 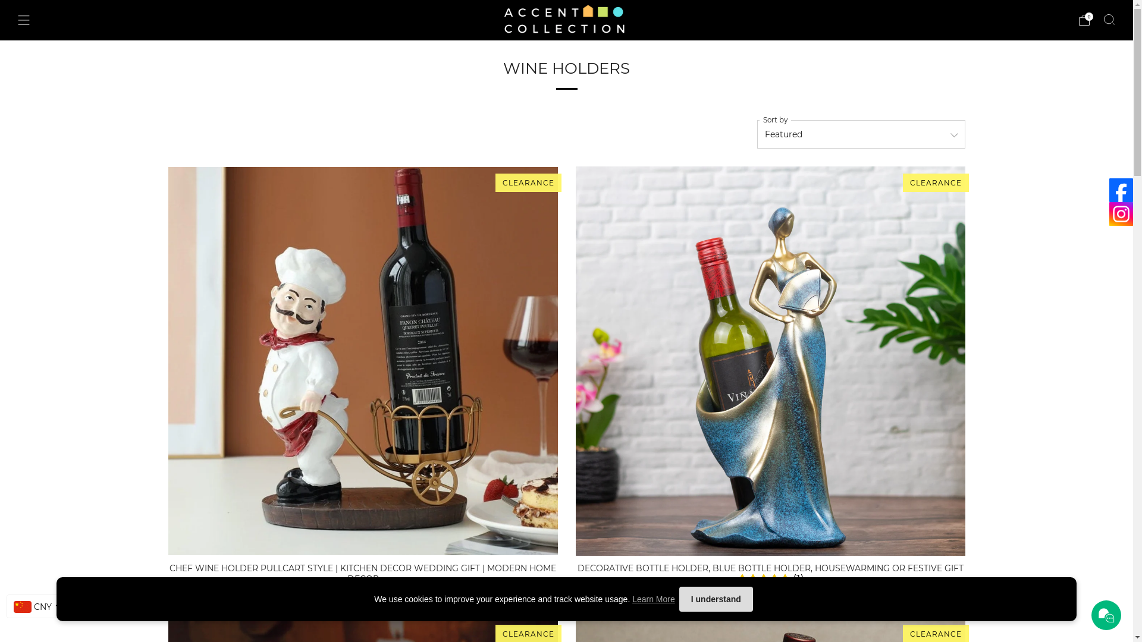 I want to click on '0', so click(x=1084, y=20).